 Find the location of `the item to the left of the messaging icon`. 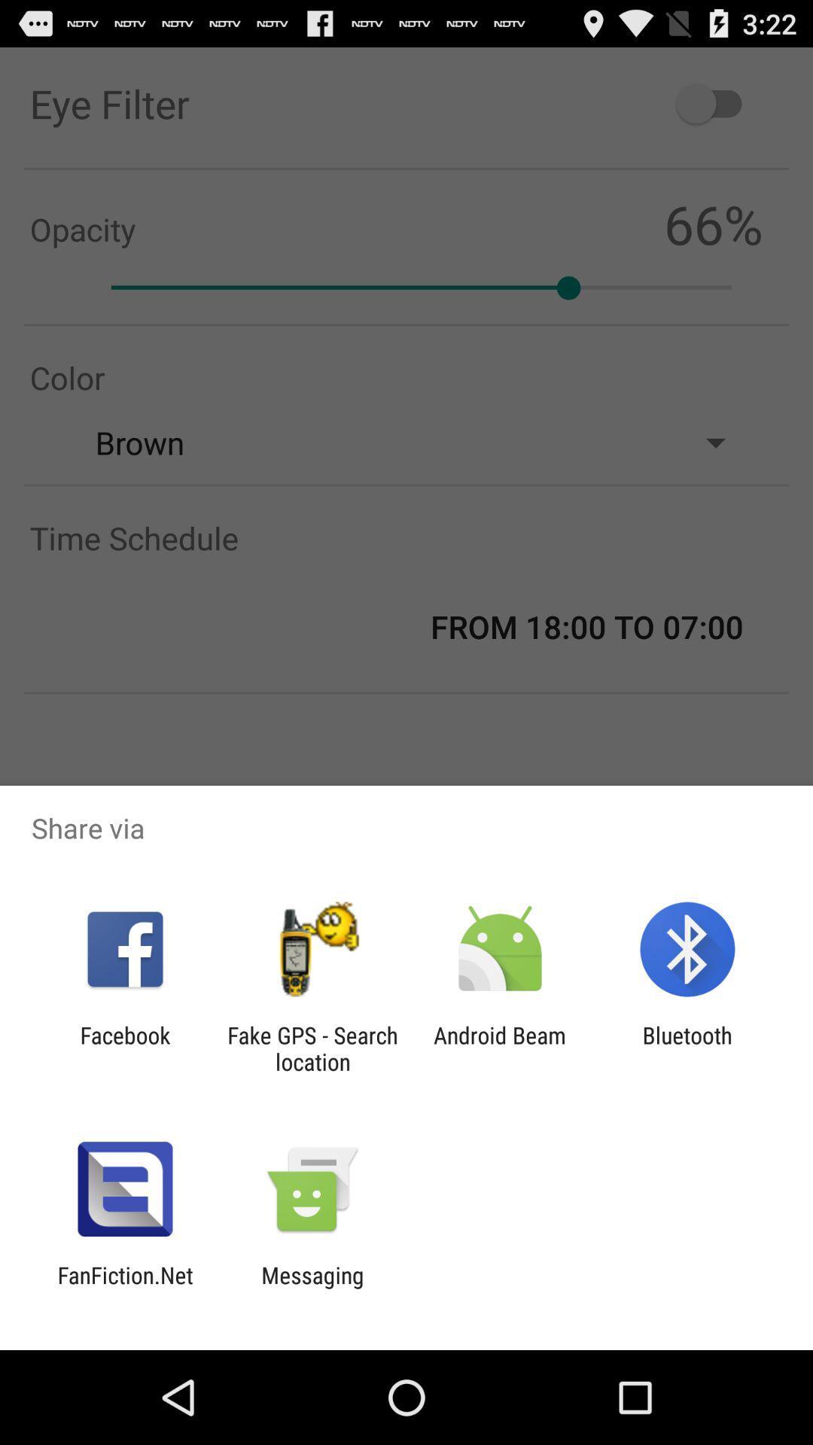

the item to the left of the messaging icon is located at coordinates (124, 1288).